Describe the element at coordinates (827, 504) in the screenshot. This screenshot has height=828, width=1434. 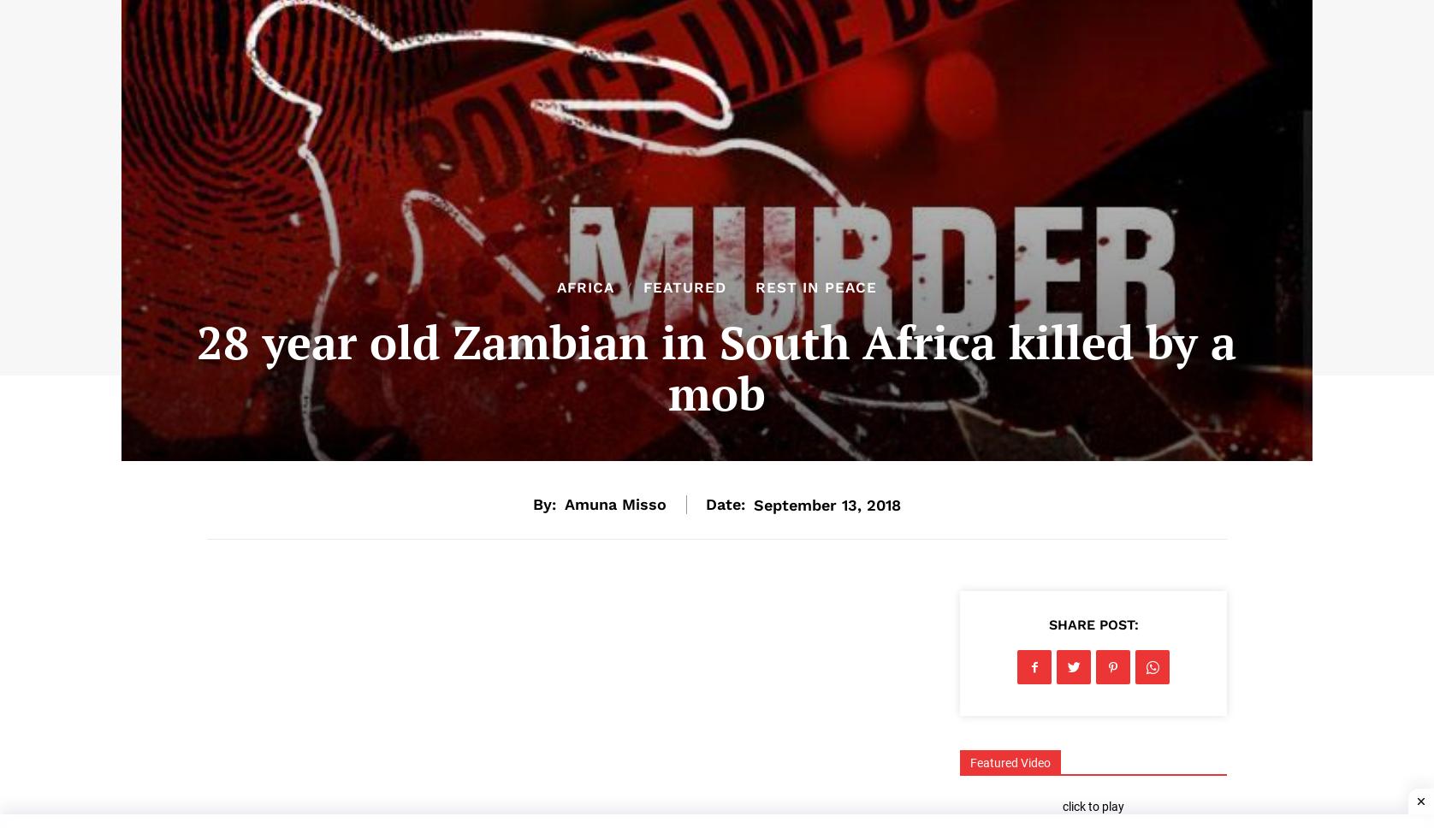
I see `'September 13, 2018'` at that location.